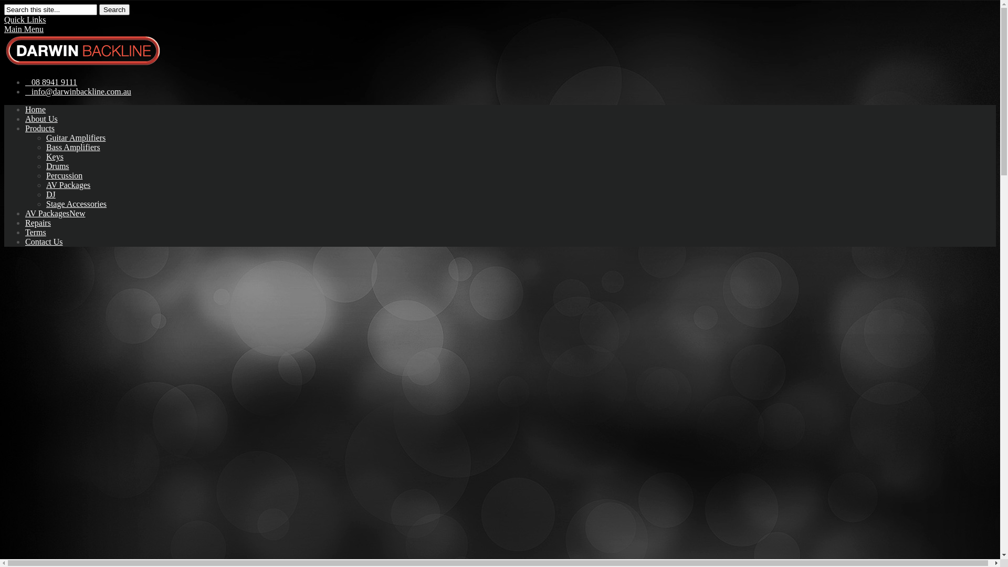 Image resolution: width=1008 pixels, height=567 pixels. What do you see at coordinates (50, 81) in the screenshot?
I see `'   08 8941 9111'` at bounding box center [50, 81].